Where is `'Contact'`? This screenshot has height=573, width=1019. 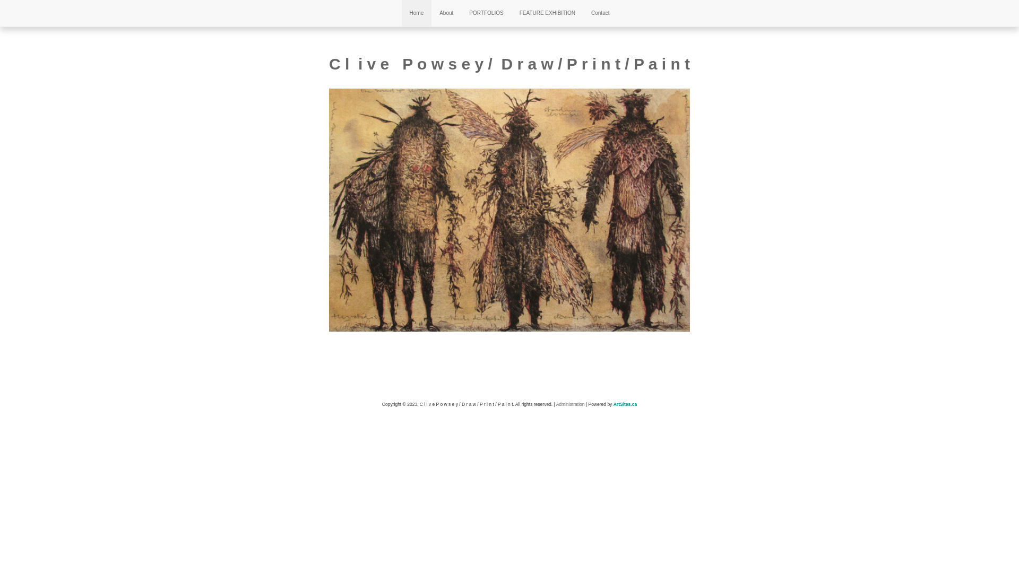
'Contact' is located at coordinates (600, 13).